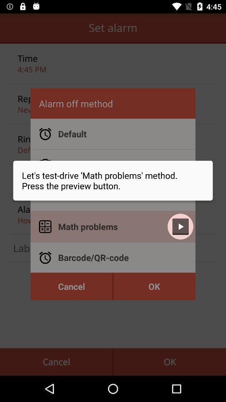 This screenshot has height=402, width=226. Describe the element at coordinates (180, 227) in the screenshot. I see `the play icon` at that location.